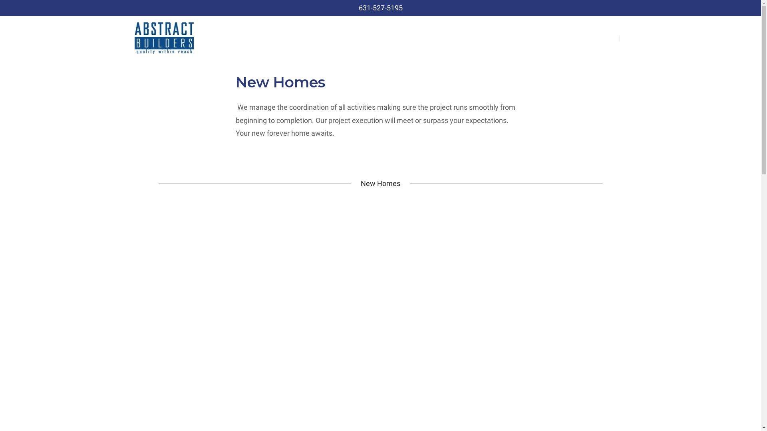  I want to click on '631-527-5195', so click(380, 8).